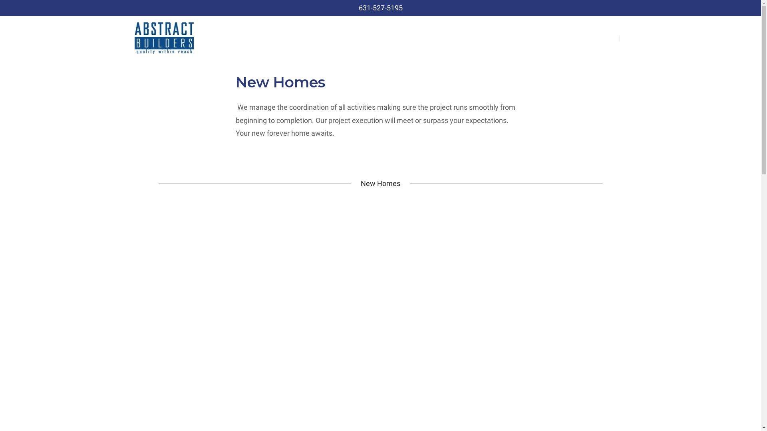  I want to click on '631-527-5195', so click(380, 8).